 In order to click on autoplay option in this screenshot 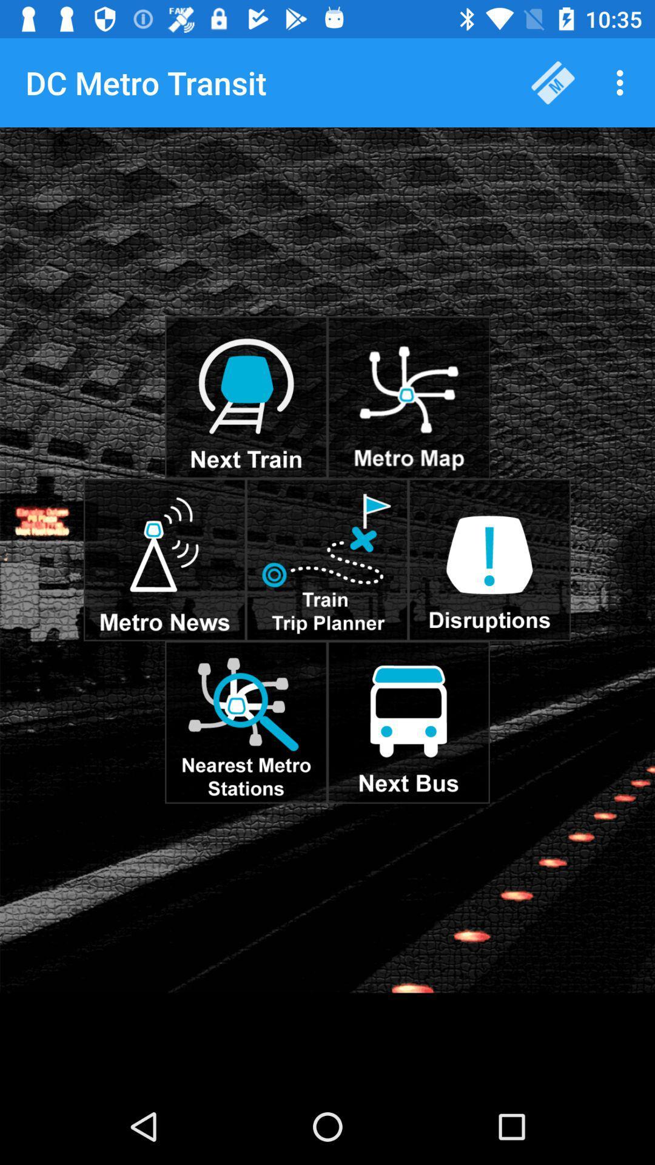, I will do `click(408, 722)`.